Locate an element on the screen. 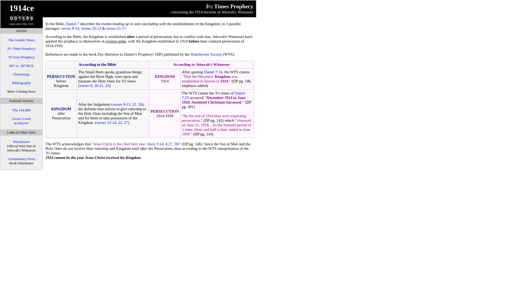 The height and width of the screenshot is (289, 513). 'verses 20-22' is located at coordinates (91, 28).